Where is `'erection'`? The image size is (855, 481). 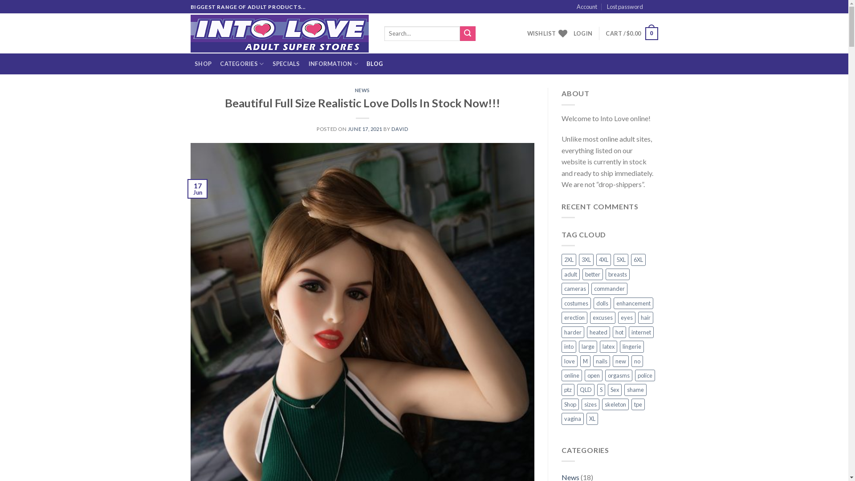
'erection' is located at coordinates (574, 317).